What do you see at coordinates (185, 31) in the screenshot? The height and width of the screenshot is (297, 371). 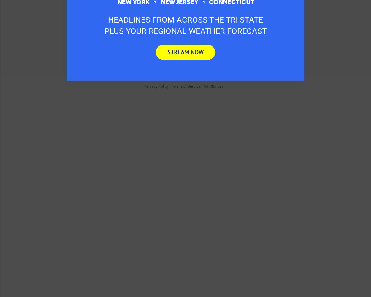 I see `'PLUS YOUR REGIONAL WEATHER FORECAST'` at bounding box center [185, 31].